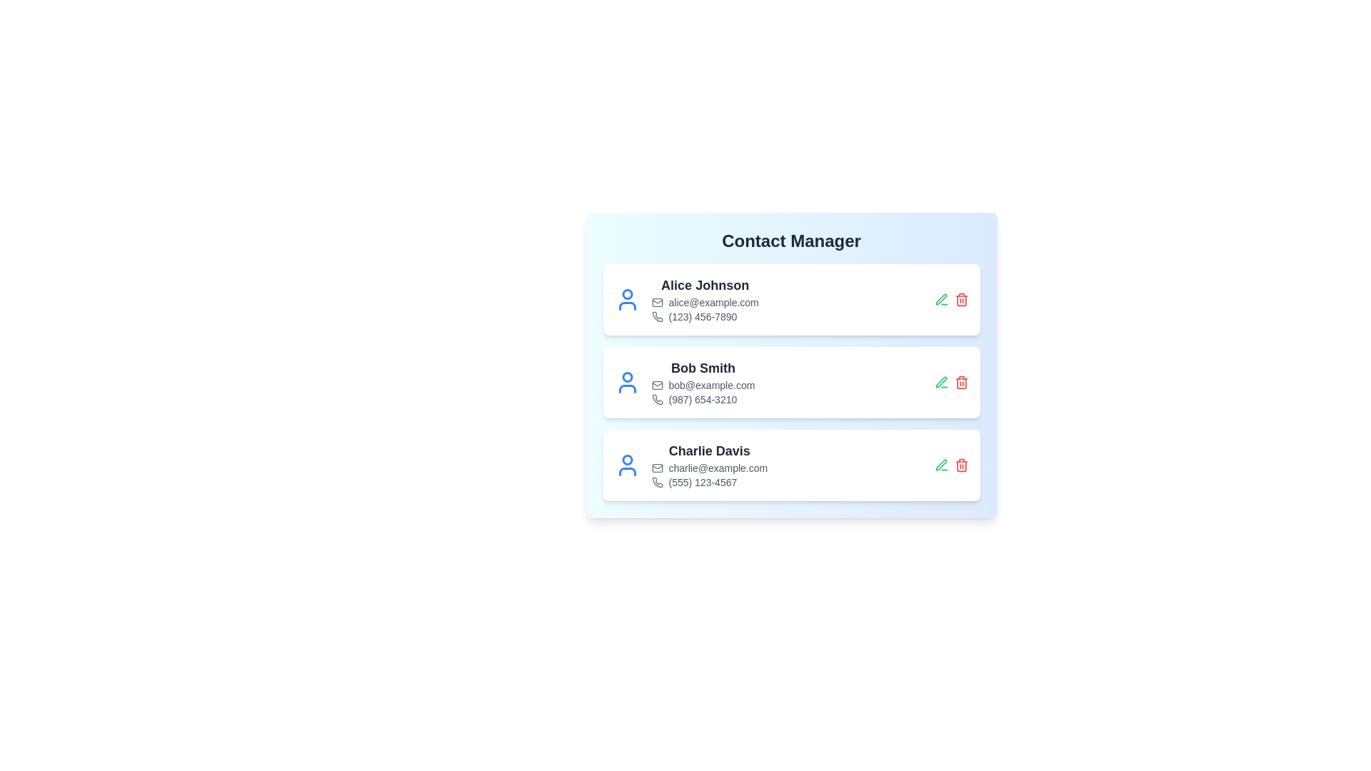 The height and width of the screenshot is (771, 1371). What do you see at coordinates (941, 382) in the screenshot?
I see `the edit button for the contact Bob Smith` at bounding box center [941, 382].